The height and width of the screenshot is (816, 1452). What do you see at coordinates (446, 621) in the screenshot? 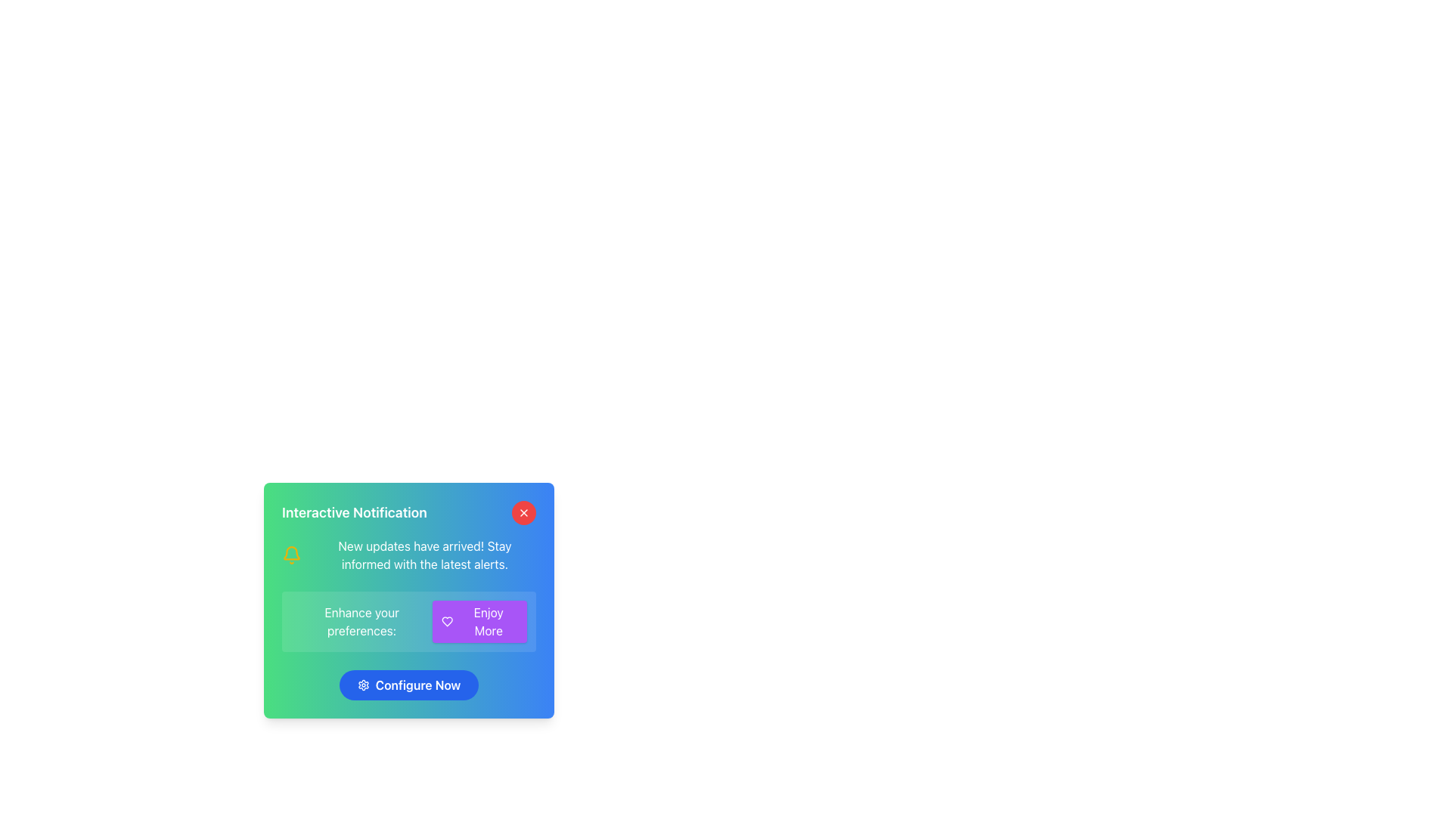
I see `the heart icon located in the bottom-right corner of the notification panel` at bounding box center [446, 621].